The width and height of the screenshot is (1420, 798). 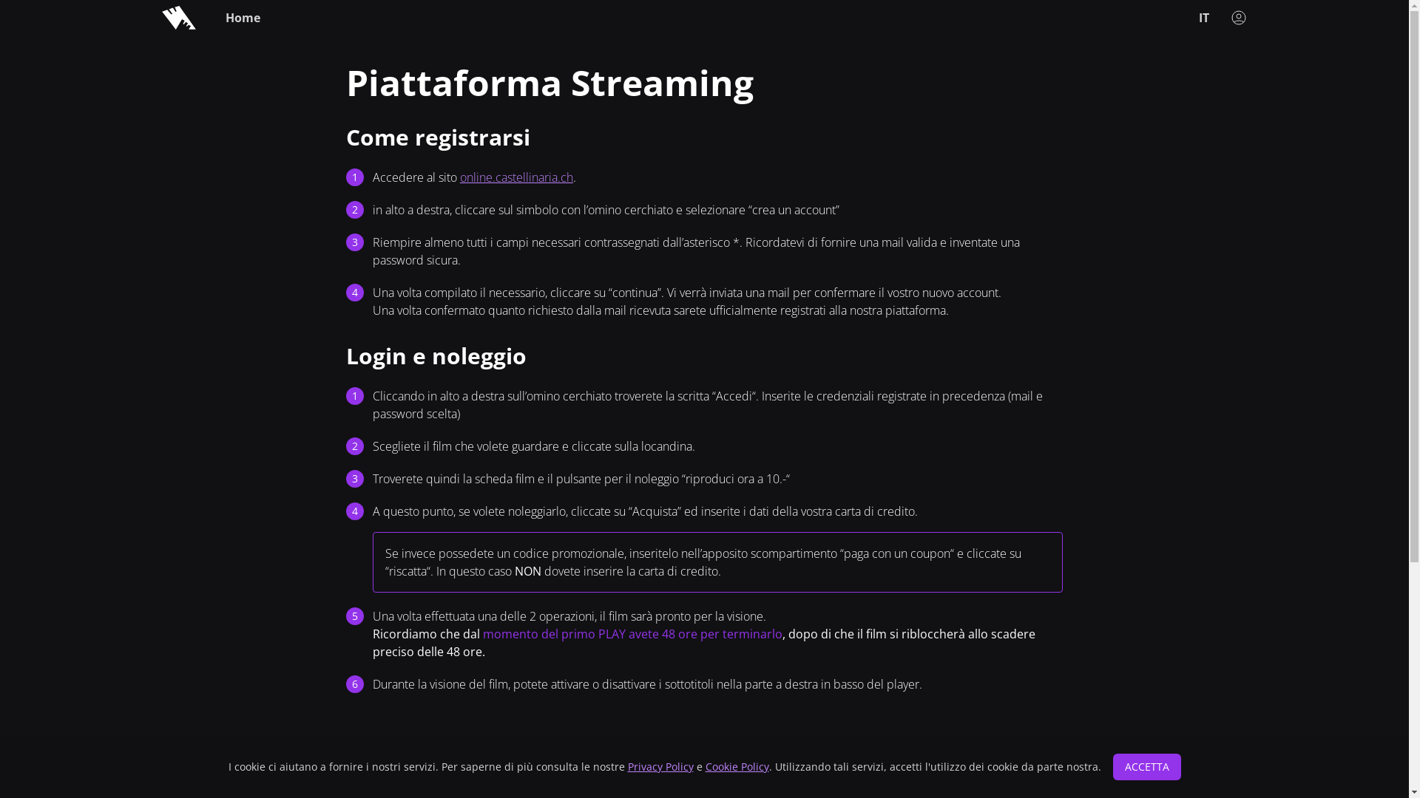 What do you see at coordinates (1203, 17) in the screenshot?
I see `'IT'` at bounding box center [1203, 17].